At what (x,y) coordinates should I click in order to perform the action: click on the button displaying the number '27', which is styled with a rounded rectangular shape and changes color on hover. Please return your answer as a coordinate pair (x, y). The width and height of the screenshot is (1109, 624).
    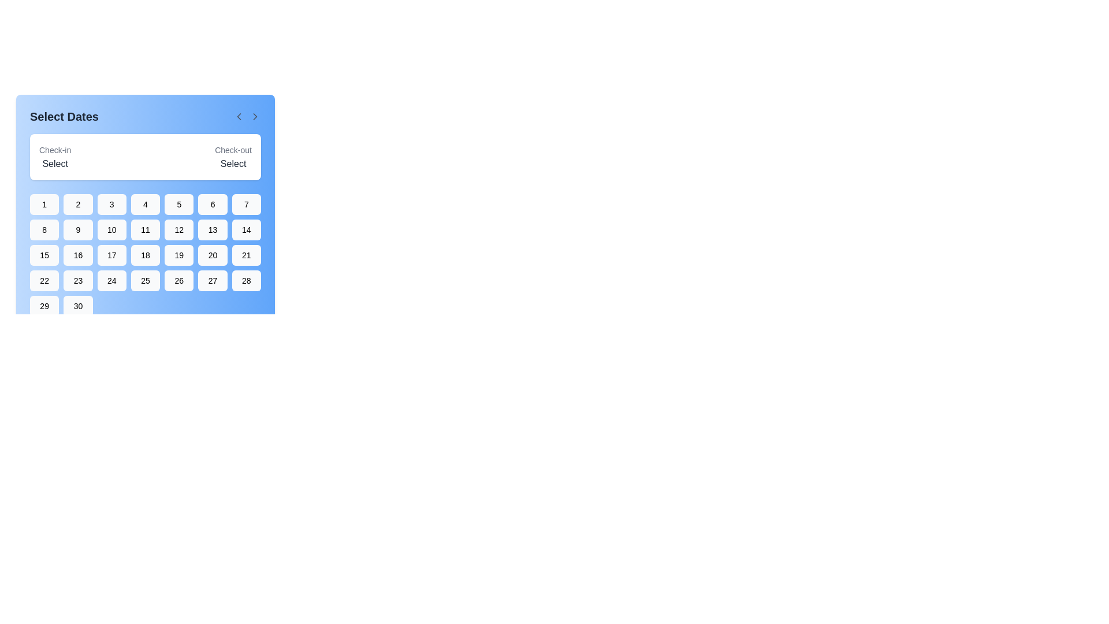
    Looking at the image, I should click on (213, 281).